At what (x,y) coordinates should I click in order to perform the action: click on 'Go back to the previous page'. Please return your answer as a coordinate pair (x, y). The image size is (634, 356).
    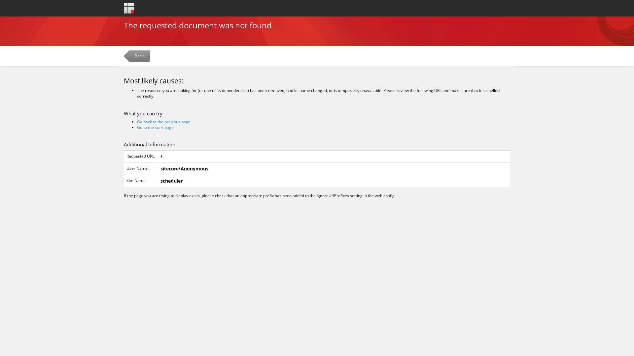
    Looking at the image, I should click on (163, 122).